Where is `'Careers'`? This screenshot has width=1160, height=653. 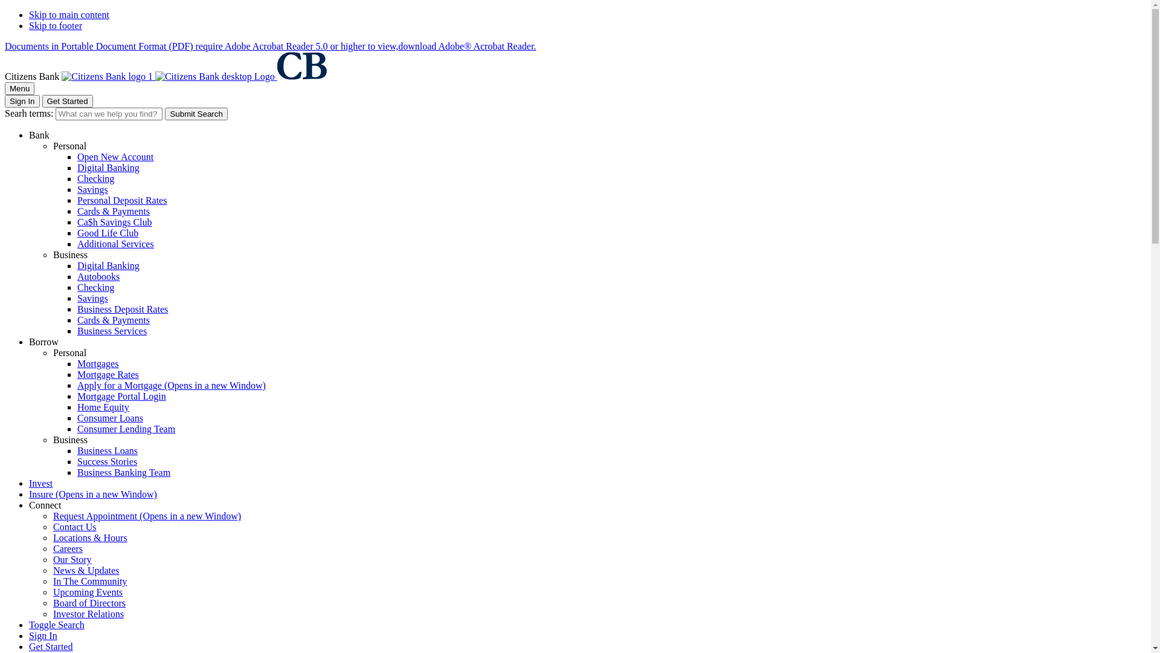
'Careers' is located at coordinates (52, 548).